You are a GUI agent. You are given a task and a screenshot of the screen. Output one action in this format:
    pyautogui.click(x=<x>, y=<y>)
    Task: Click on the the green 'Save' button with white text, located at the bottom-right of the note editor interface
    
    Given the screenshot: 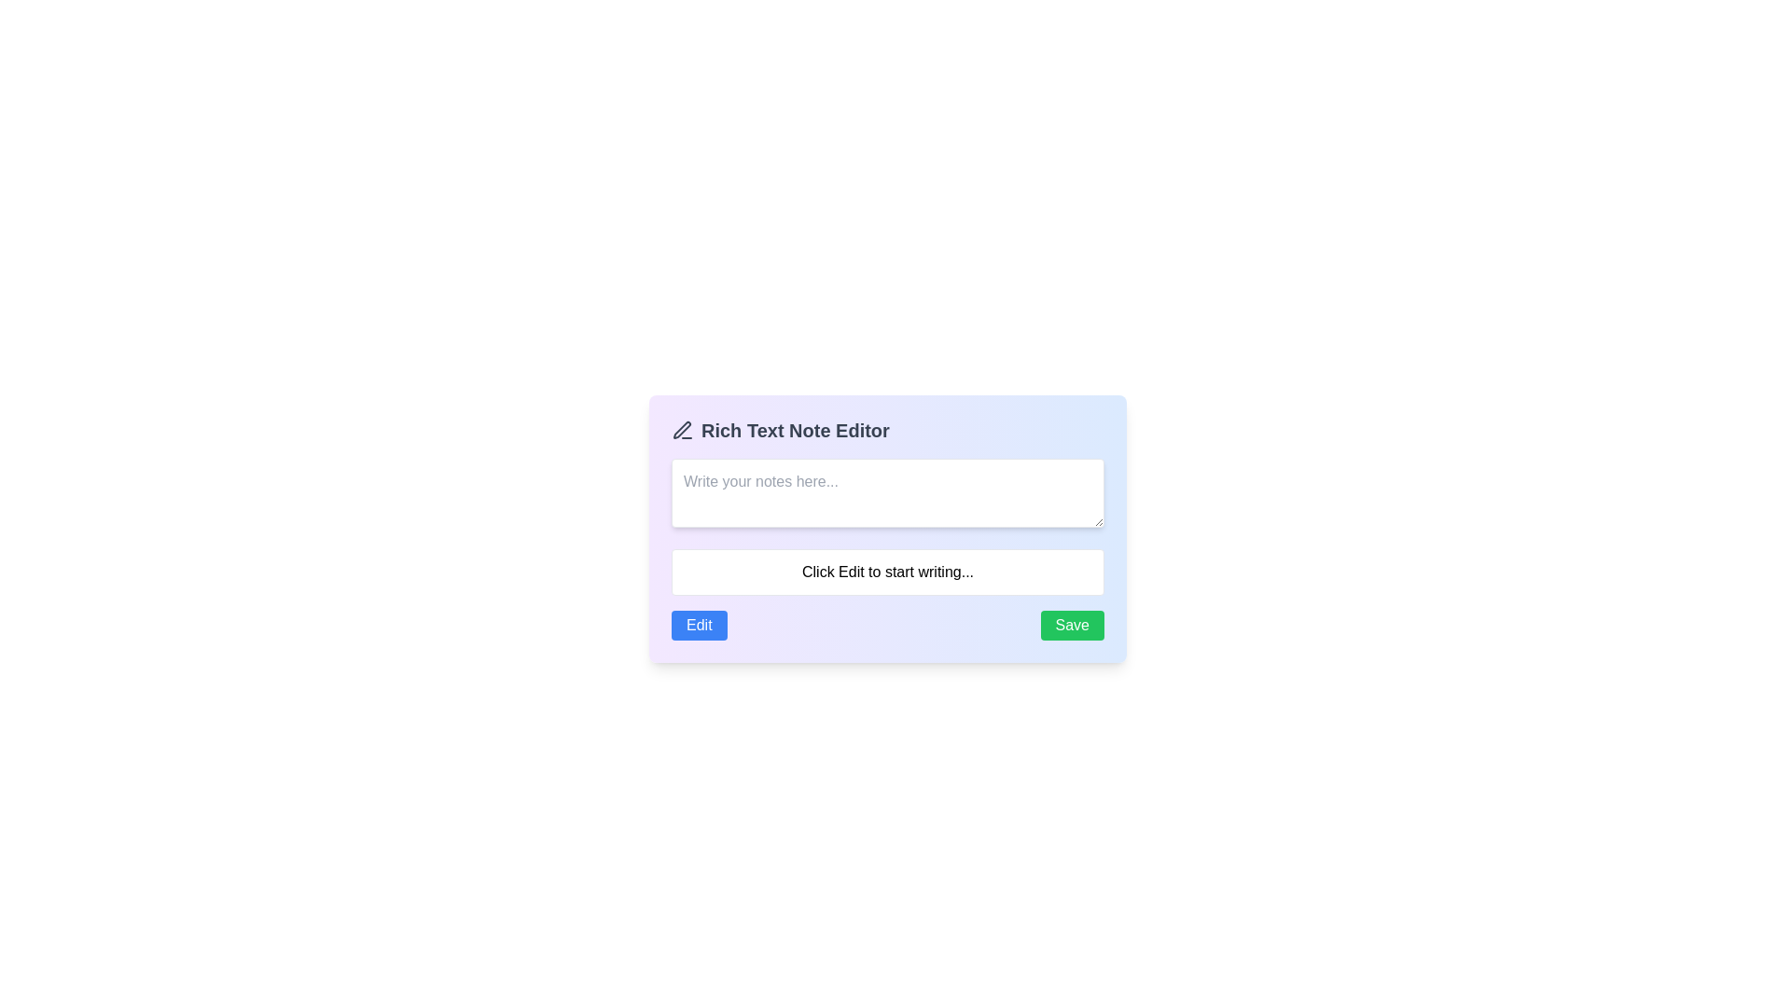 What is the action you would take?
    pyautogui.click(x=1072, y=626)
    